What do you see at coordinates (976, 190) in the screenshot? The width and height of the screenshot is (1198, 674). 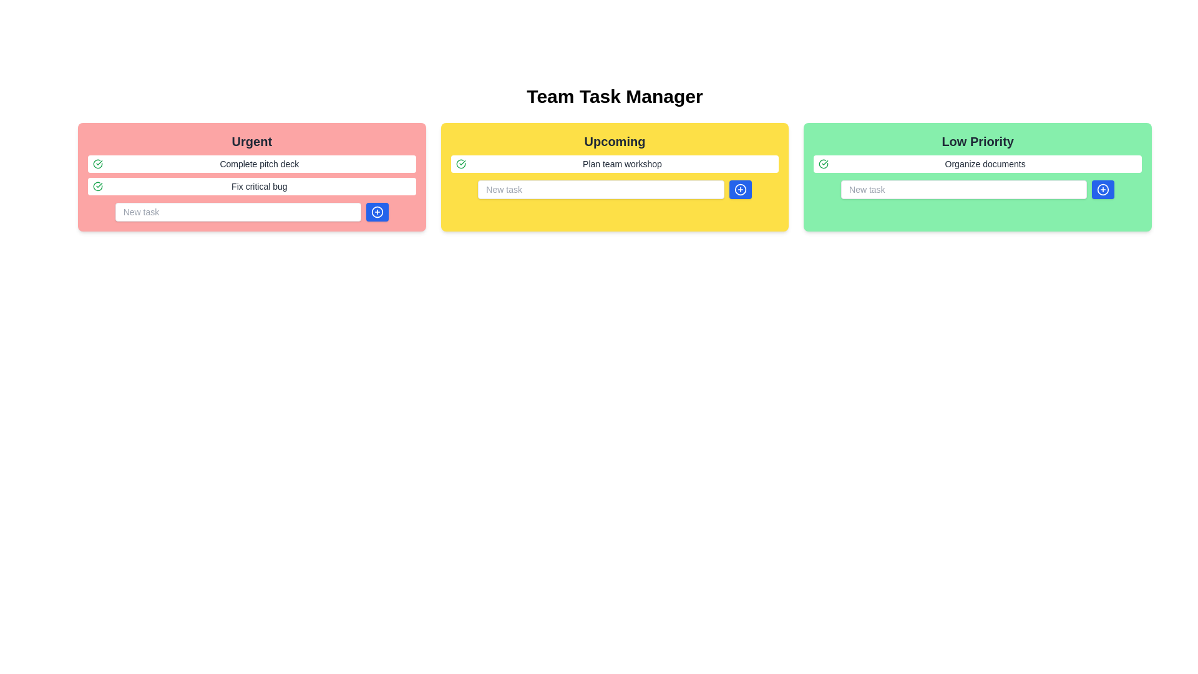 I see `inside the input box labeled 'New task' in the 'Low Priority' section to focus it` at bounding box center [976, 190].